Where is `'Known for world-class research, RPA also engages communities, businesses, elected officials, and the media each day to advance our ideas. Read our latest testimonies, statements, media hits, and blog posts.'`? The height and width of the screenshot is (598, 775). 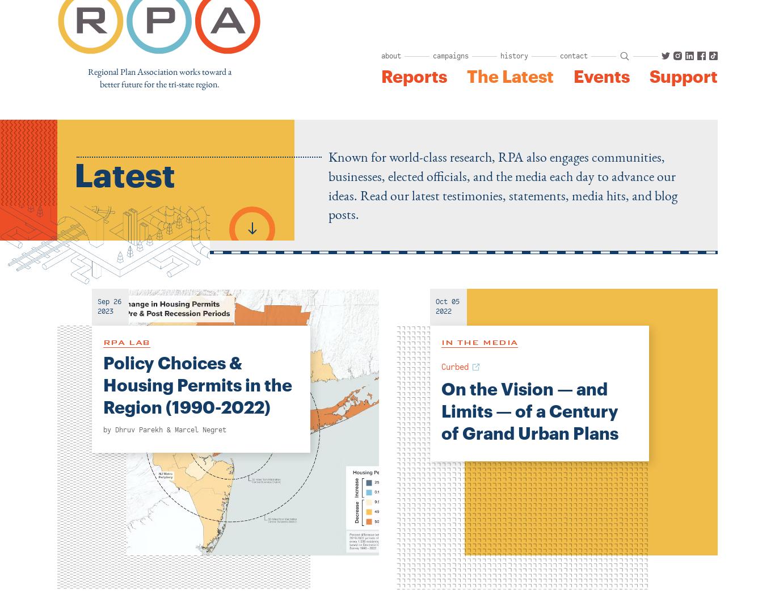
'Known for world-class research, RPA also engages communities, businesses, elected officials, and the media each day to advance our ideas. Read our latest testimonies, statements, media hits, and blog posts.' is located at coordinates (502, 185).